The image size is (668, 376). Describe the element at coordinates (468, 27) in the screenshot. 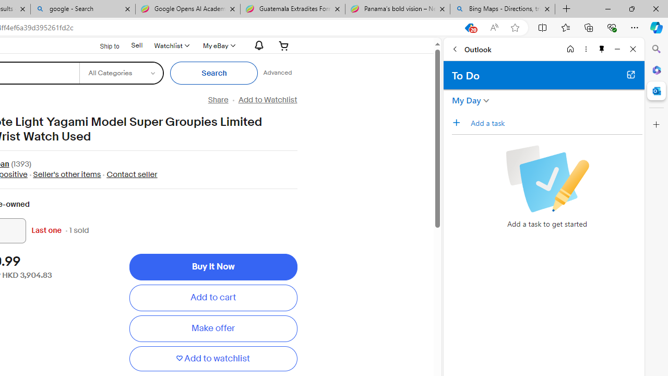

I see `'This site has coupons! Shopping in Microsoft Edge, 20'` at that location.